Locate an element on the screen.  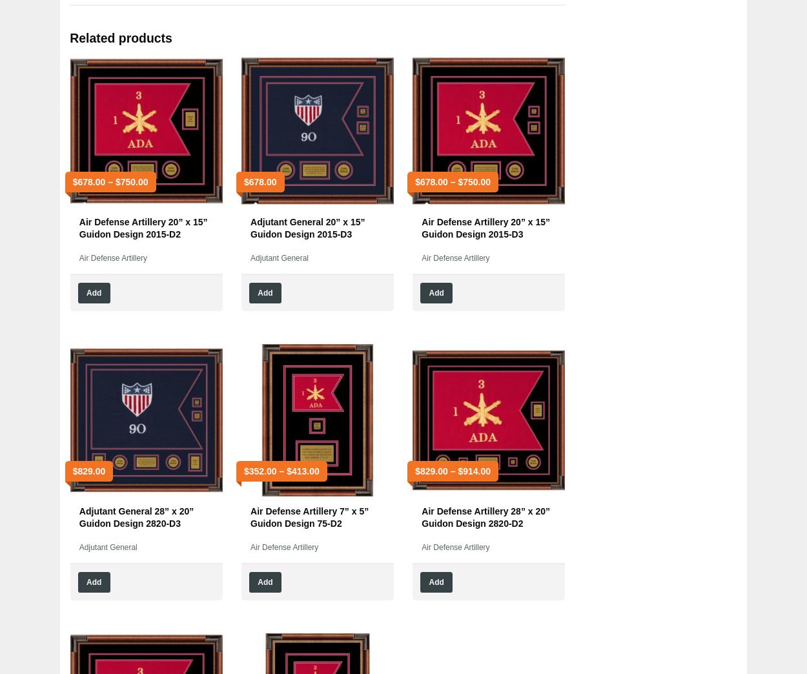
'Adjutant General 28” x 20” Guidon Design 2820-D3' is located at coordinates (136, 516).